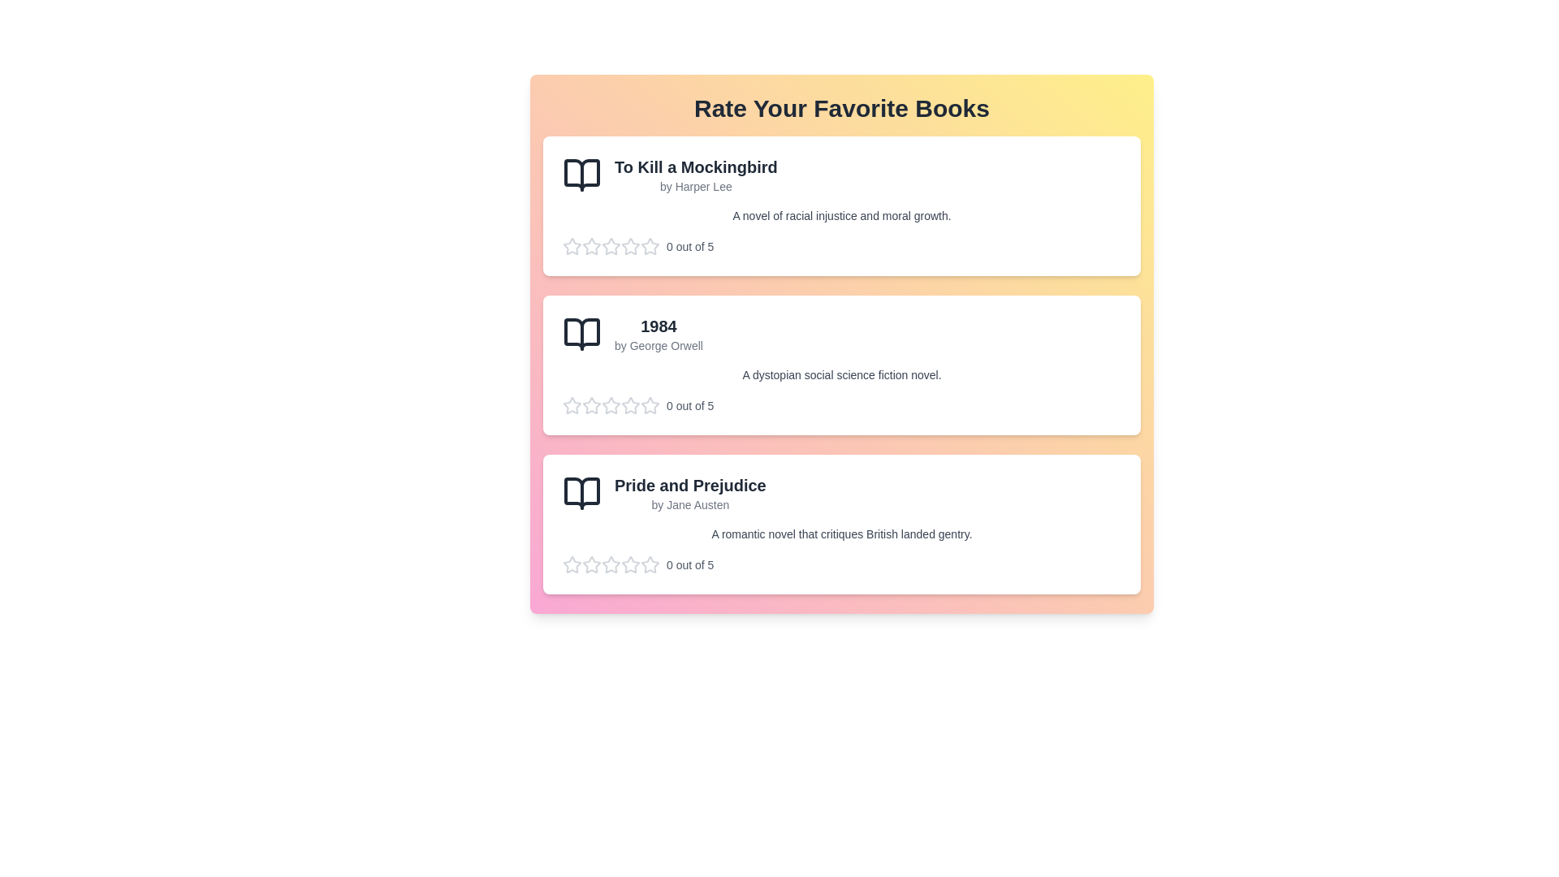  Describe the element at coordinates (659, 334) in the screenshot. I see `text element displaying the title '1984' in bold and the author 'by George Orwell' below it, located in the second card of the book entries list` at that location.